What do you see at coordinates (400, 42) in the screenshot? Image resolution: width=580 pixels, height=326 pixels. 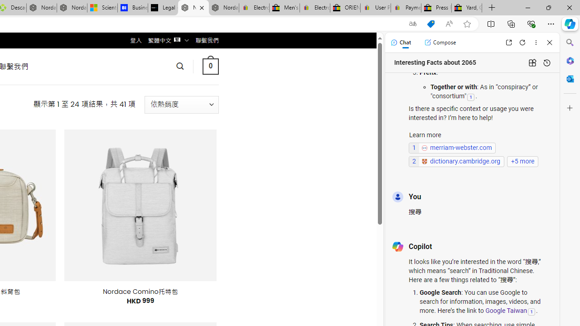 I see `'Chat'` at bounding box center [400, 42].